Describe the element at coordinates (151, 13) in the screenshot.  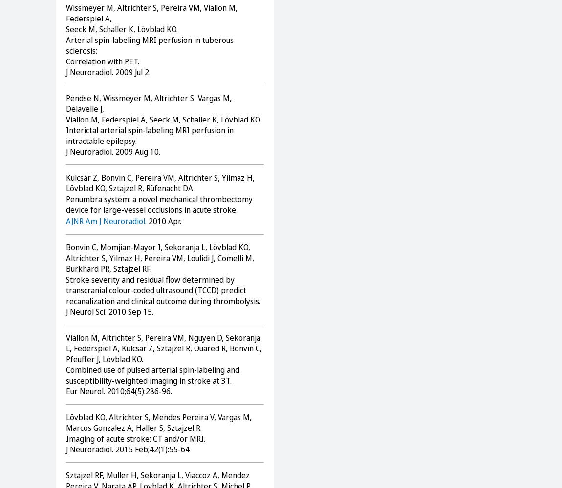
I see `'Wissmeyer M, Altrichter S, Pereira VM, Viallon M, Federspiel A,'` at that location.